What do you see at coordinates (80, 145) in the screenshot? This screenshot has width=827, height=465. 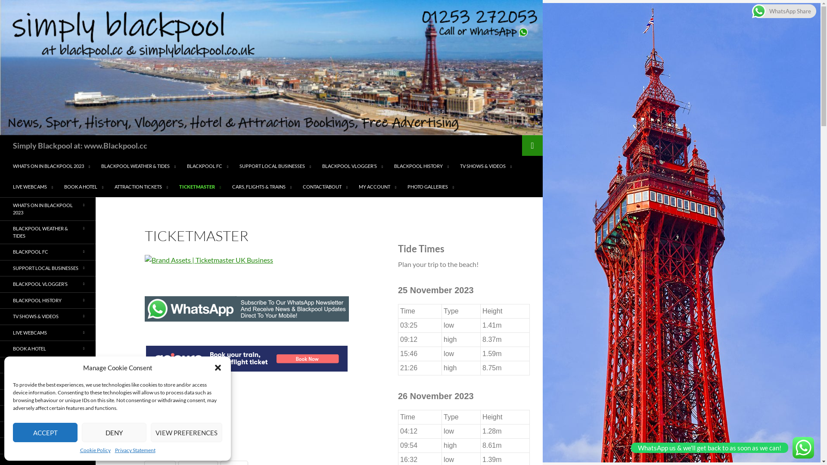 I see `'Simply Blackpool at: www.Blackpool.cc'` at bounding box center [80, 145].